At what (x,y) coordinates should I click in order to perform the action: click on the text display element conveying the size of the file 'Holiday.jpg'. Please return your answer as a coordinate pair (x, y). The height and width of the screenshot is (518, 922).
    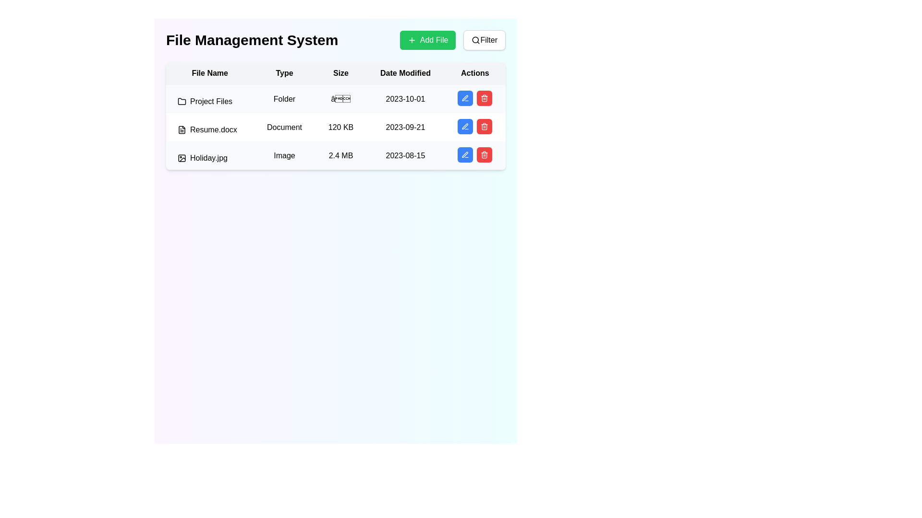
    Looking at the image, I should click on (341, 155).